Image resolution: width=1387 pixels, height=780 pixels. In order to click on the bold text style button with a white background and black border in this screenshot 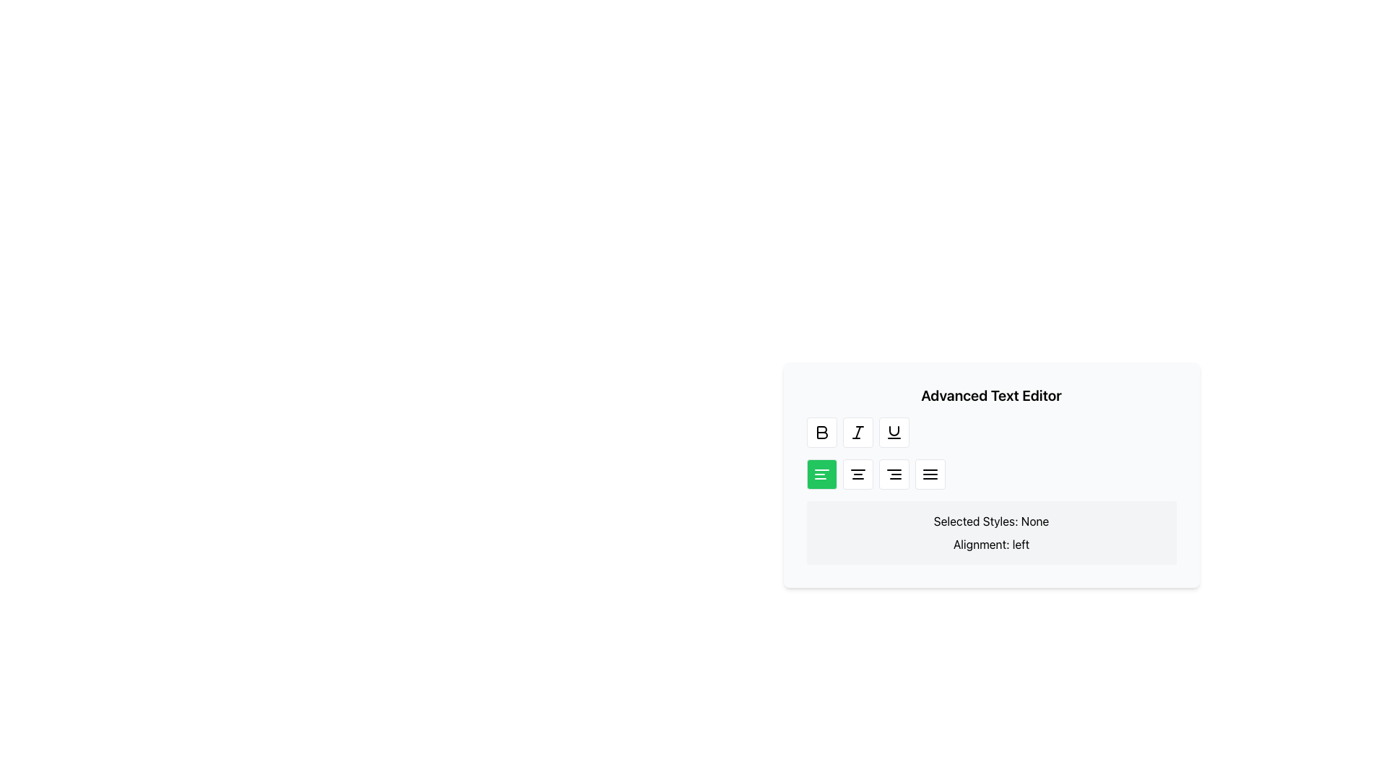, I will do `click(821, 431)`.